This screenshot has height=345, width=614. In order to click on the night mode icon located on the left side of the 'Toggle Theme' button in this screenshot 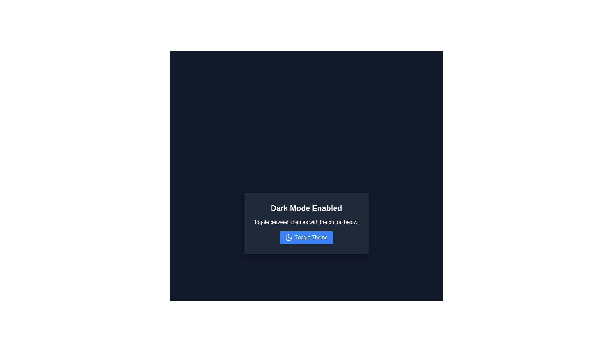, I will do `click(288, 238)`.